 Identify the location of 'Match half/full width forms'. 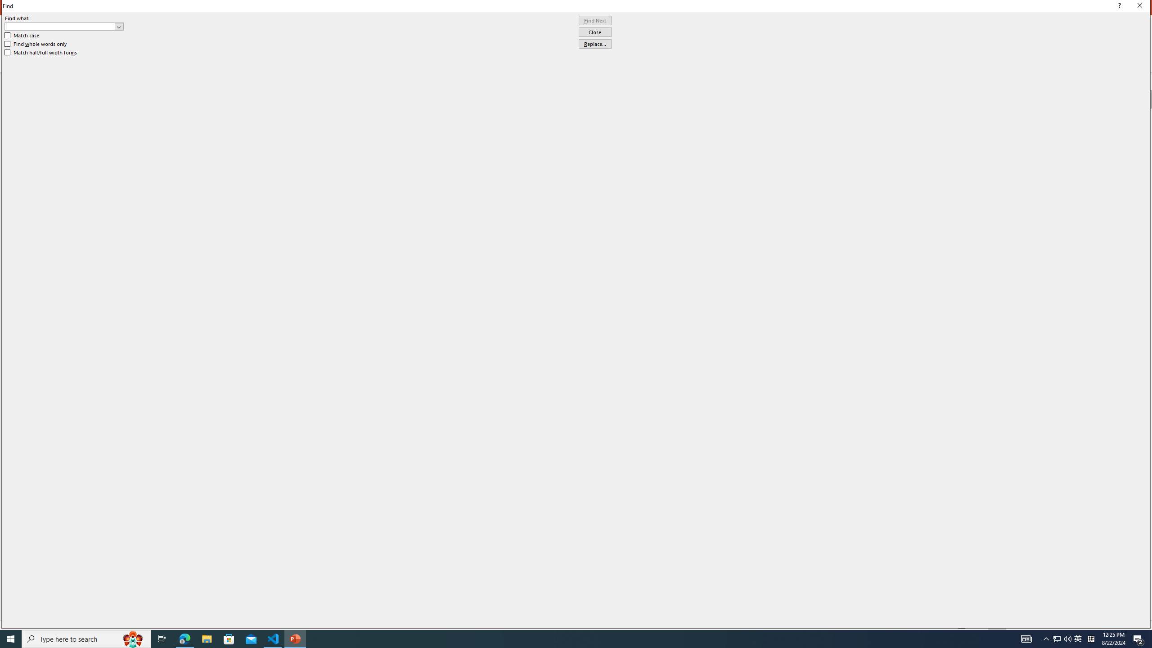
(41, 52).